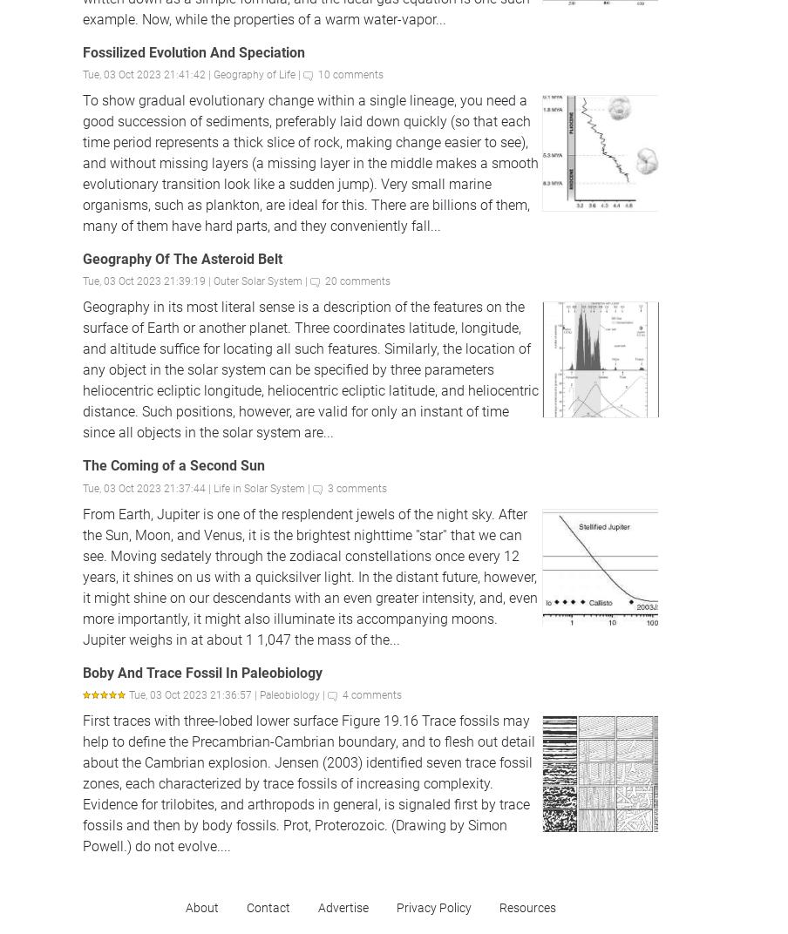 The width and height of the screenshot is (788, 934). What do you see at coordinates (309, 369) in the screenshot?
I see `'Geography in its most literal sense is a description of the features on the surface of Earth or another planet. Three coordinates latitude, longitude, and altitude suffice for locating all such features. Similarly, the location of any object in the solar system can be specified by three parameters heliocentric ecliptic longitude, heliocentric ecliptic latitude, and heliocentric distance. Such positions, however, are valid for only an instant of time since all objects in the solar system are...'` at bounding box center [309, 369].